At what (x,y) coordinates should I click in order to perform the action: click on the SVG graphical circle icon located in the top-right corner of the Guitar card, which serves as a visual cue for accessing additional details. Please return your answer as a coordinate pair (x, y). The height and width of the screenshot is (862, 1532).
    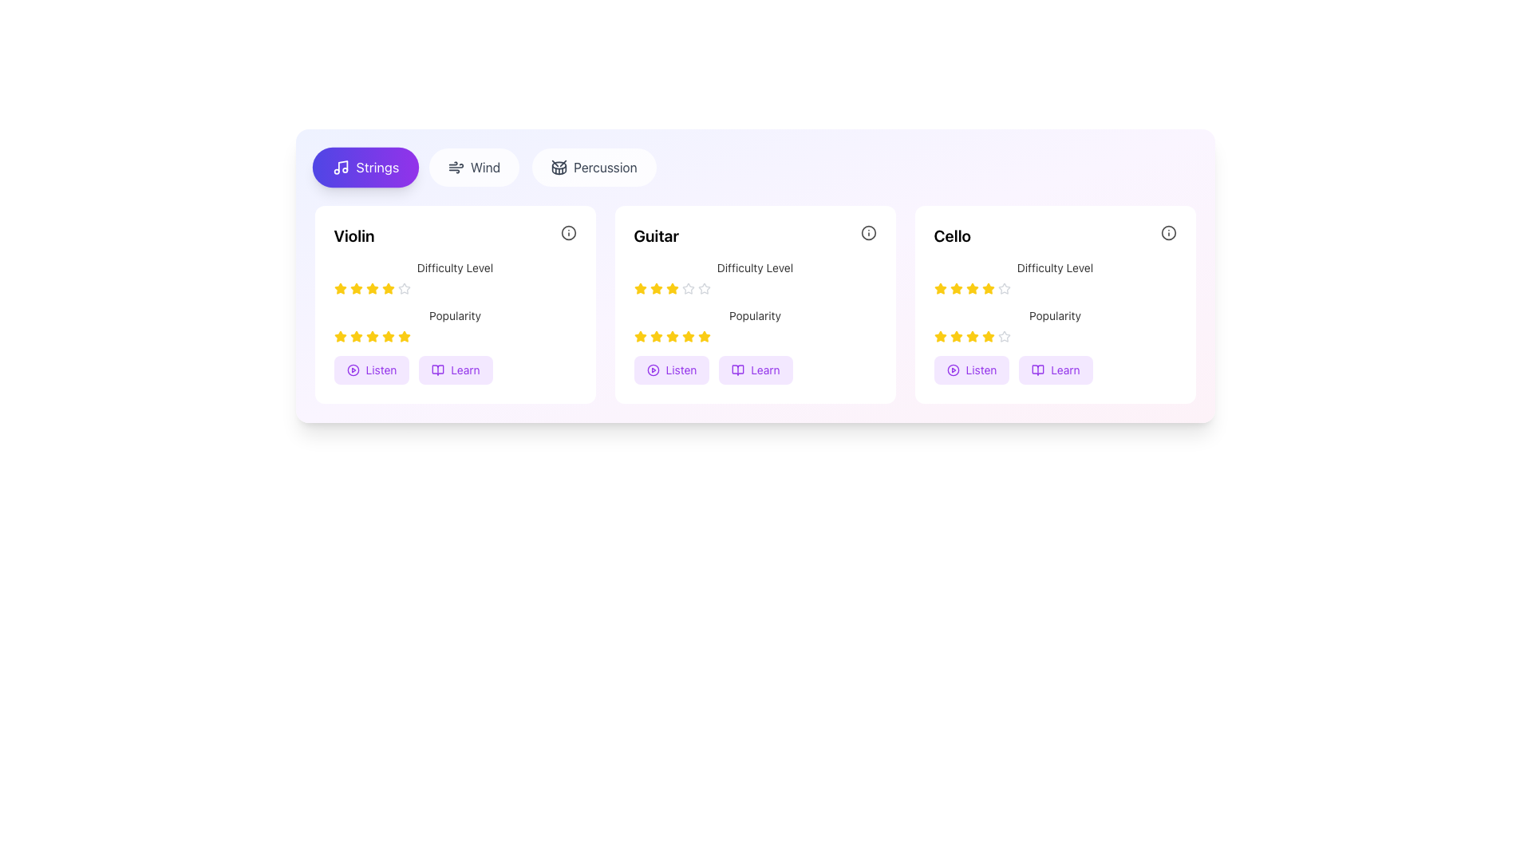
    Looking at the image, I should click on (568, 233).